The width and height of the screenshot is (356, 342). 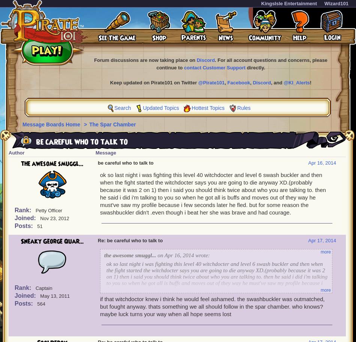 I want to click on 'Forum discussions are now taking place on', so click(x=93, y=60).